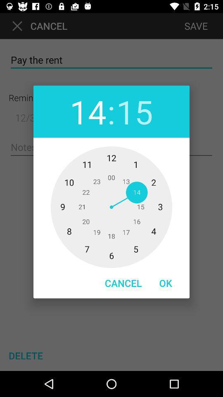 This screenshot has width=223, height=397. Describe the element at coordinates (123, 283) in the screenshot. I see `icon next to ok icon` at that location.